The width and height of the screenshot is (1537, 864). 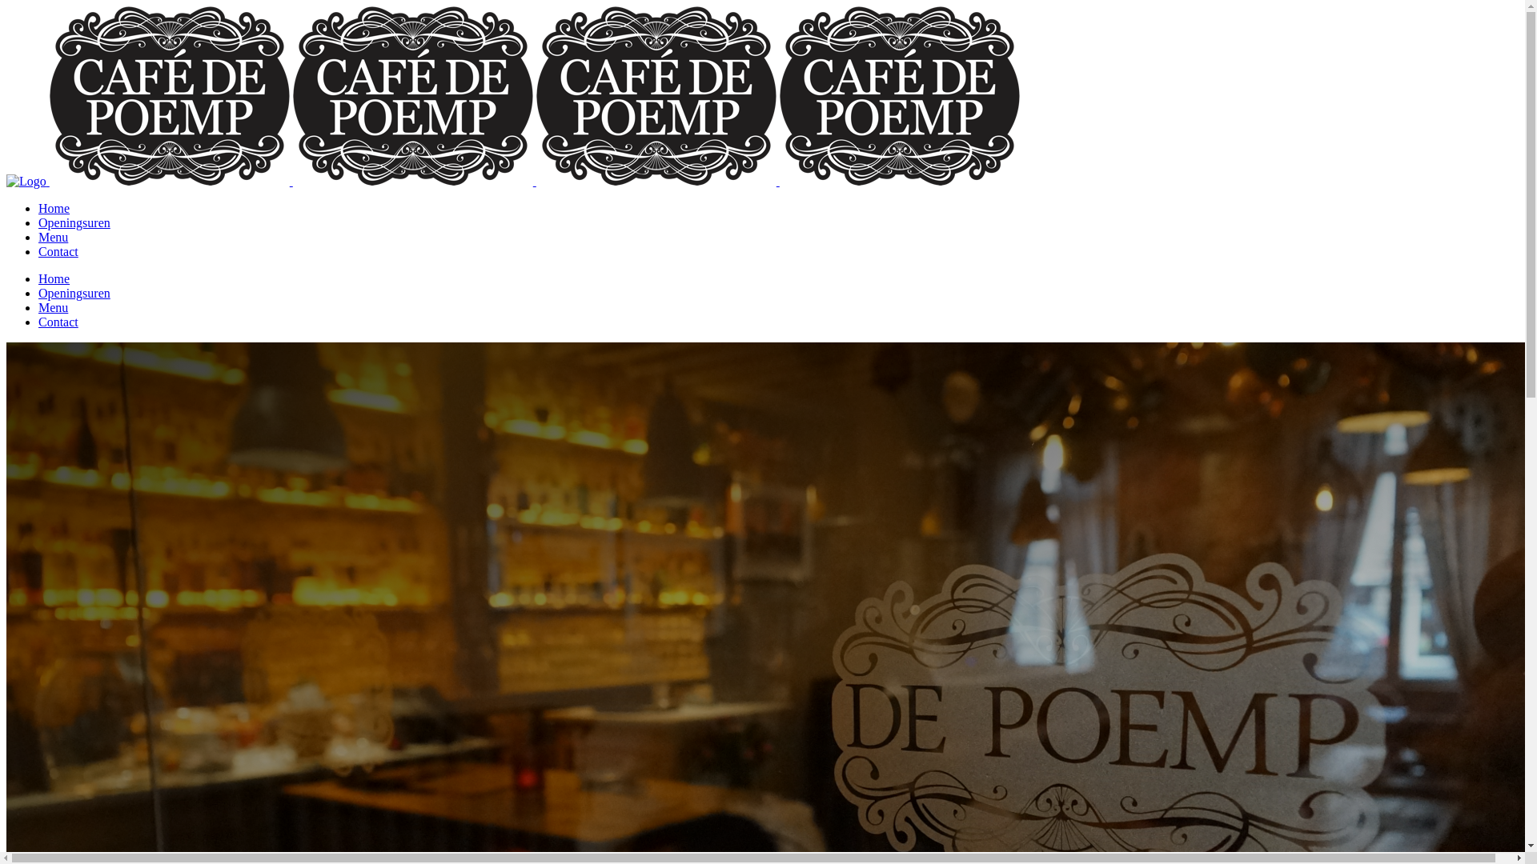 What do you see at coordinates (58, 251) in the screenshot?
I see `'Contact'` at bounding box center [58, 251].